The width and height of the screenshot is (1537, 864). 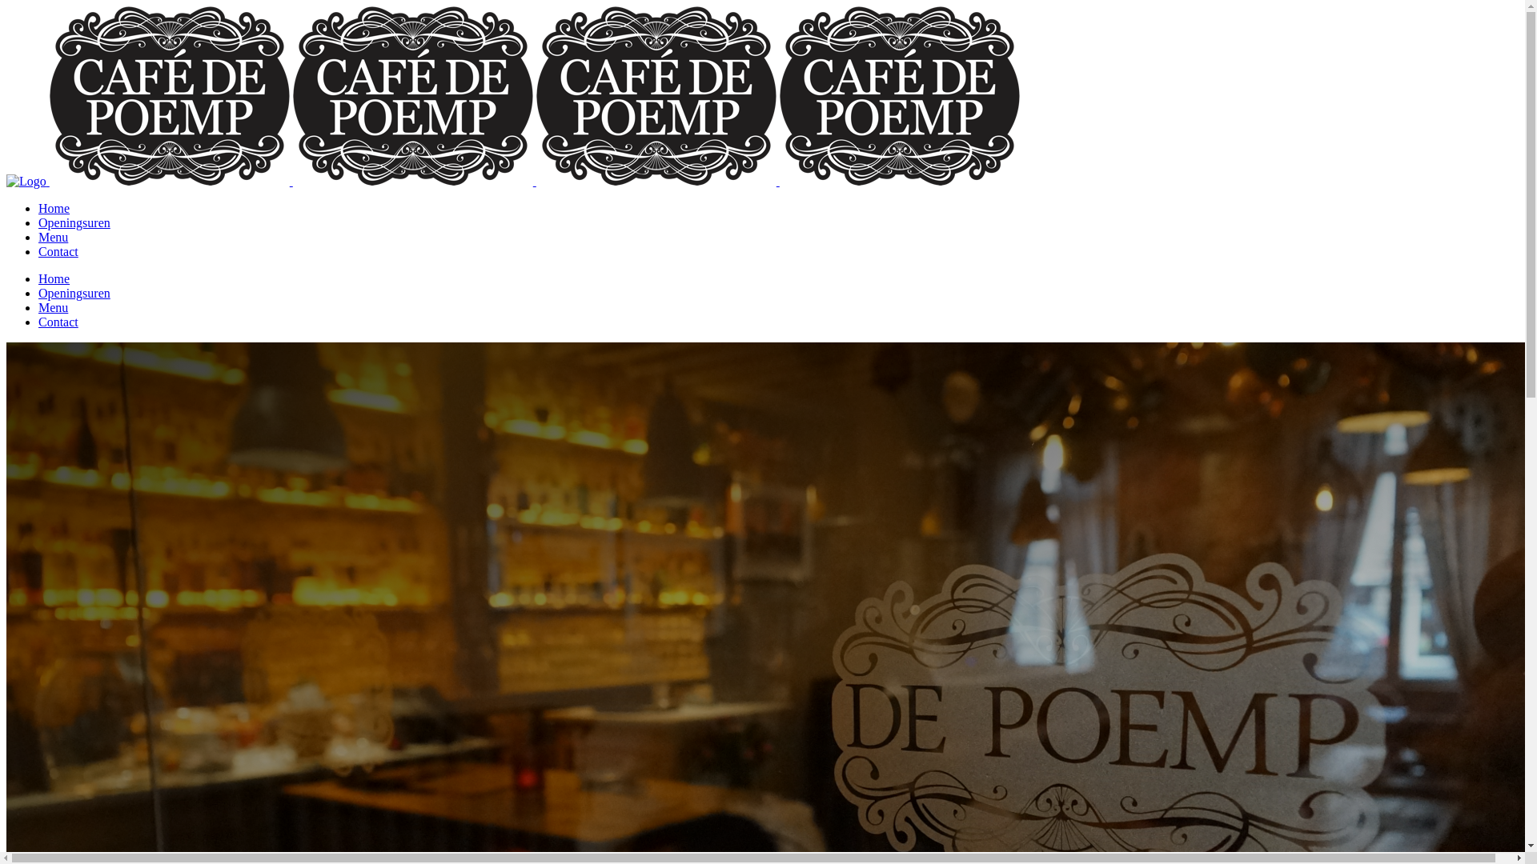 What do you see at coordinates (58, 251) in the screenshot?
I see `'Contact'` at bounding box center [58, 251].